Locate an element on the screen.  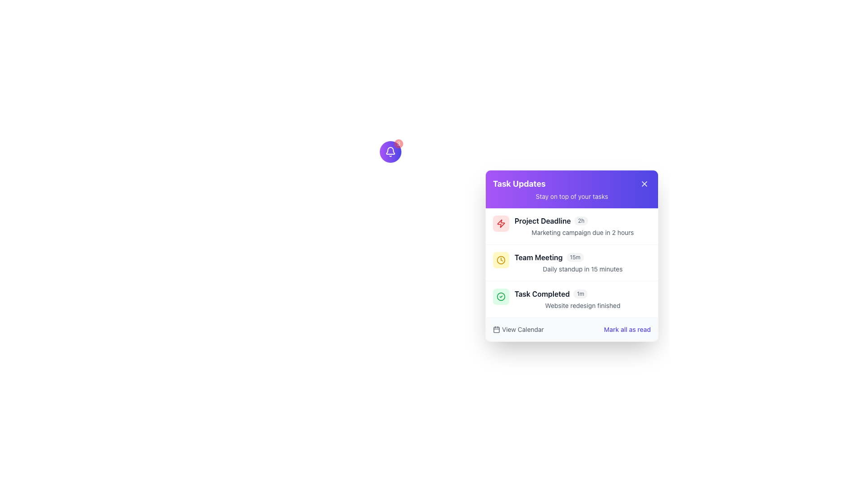
the label indicating the duration is located at coordinates (575, 257).